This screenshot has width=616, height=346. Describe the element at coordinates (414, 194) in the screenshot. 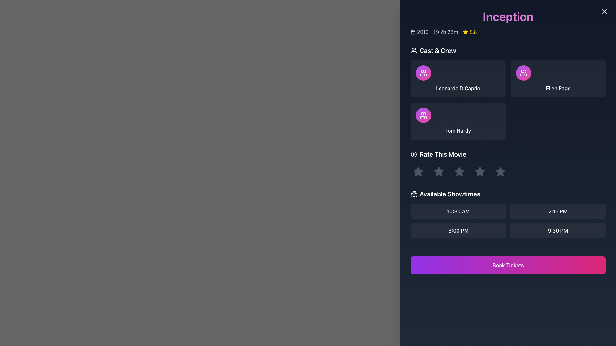

I see `the decorative icon representing the 'Available Showtimes' section, located to the left of the text label 'Available Showtimes'` at that location.